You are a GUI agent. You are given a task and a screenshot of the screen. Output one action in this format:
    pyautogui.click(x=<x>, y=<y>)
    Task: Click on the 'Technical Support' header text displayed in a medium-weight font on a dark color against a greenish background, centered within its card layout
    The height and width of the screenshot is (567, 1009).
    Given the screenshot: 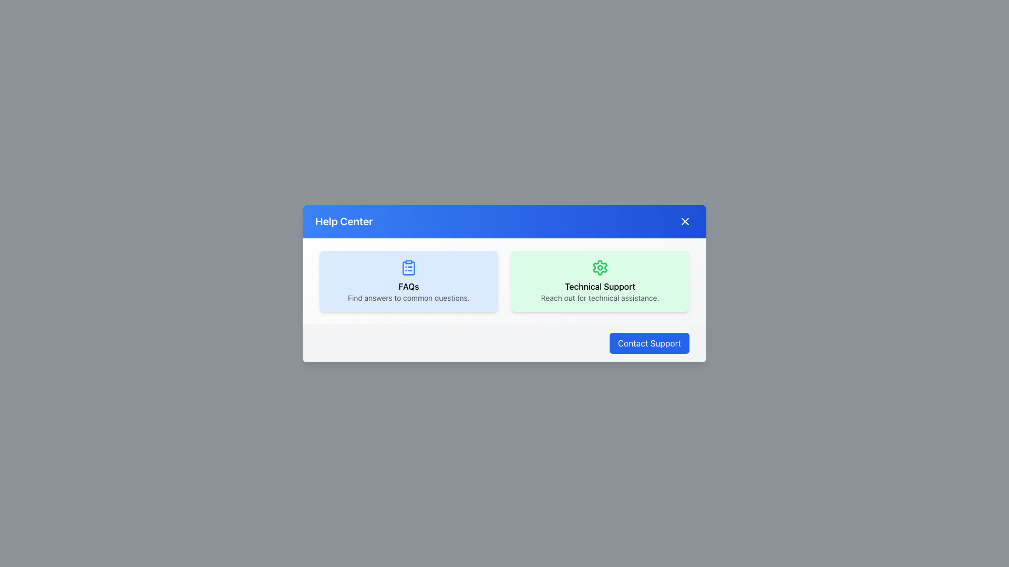 What is the action you would take?
    pyautogui.click(x=600, y=287)
    